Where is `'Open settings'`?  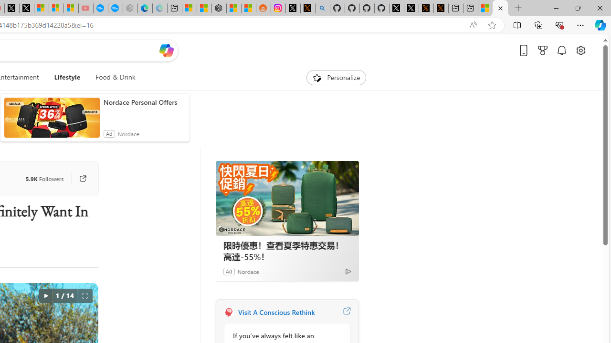 'Open settings' is located at coordinates (580, 50).